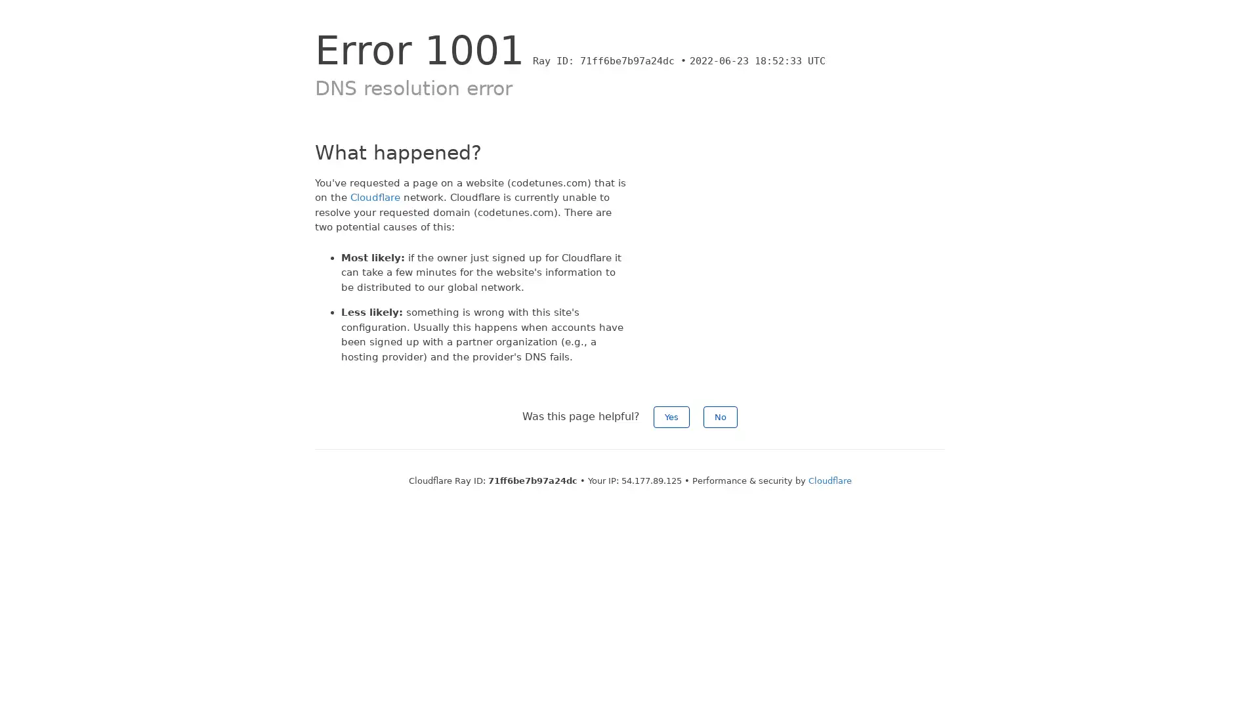 This screenshot has height=709, width=1260. What do you see at coordinates (720, 417) in the screenshot?
I see `No` at bounding box center [720, 417].